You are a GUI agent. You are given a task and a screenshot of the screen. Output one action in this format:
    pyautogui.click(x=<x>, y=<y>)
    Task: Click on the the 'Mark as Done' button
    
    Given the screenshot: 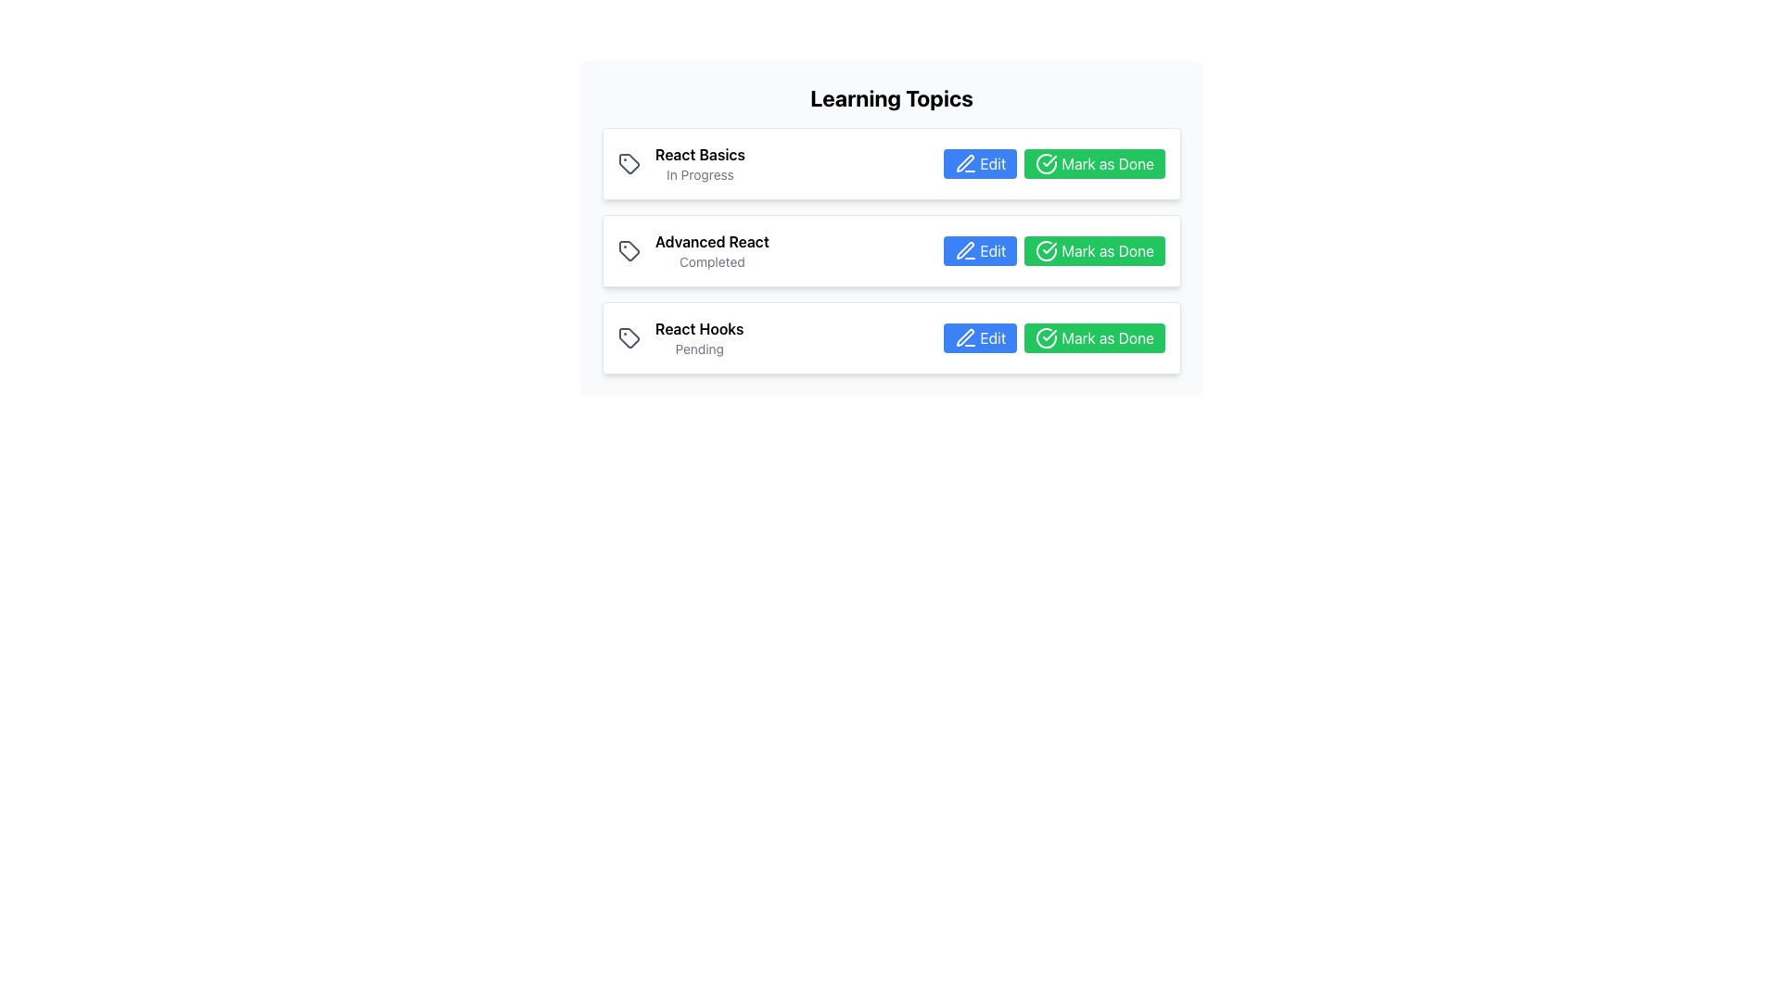 What is the action you would take?
    pyautogui.click(x=1095, y=163)
    